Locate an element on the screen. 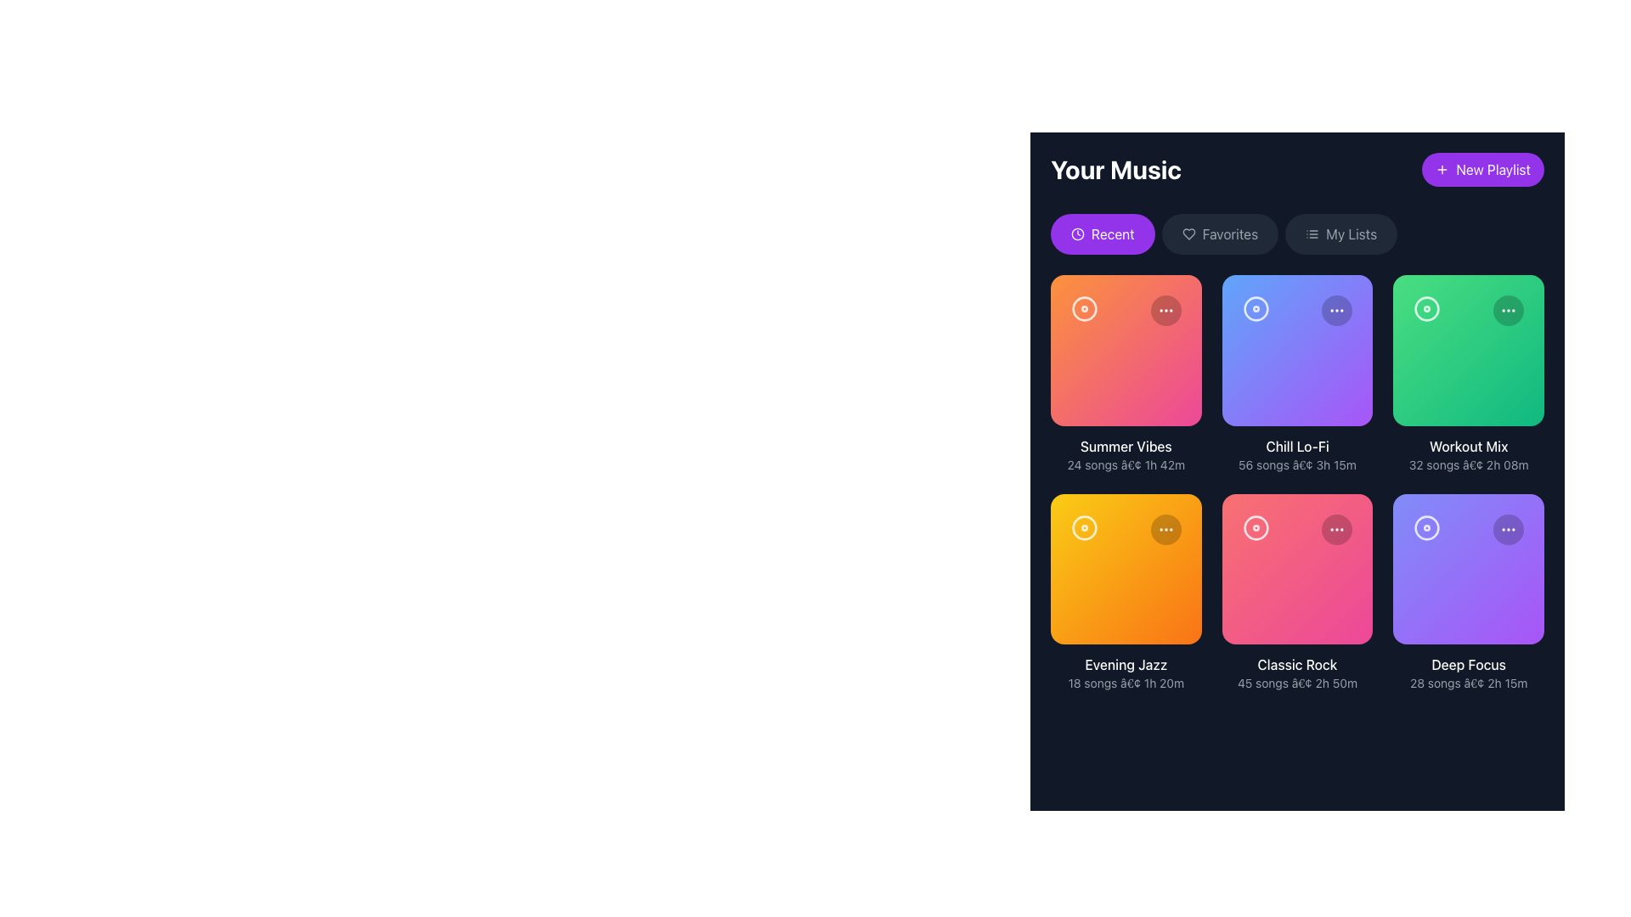 This screenshot has width=1631, height=917. the menu trigger icon located in the top right corner of the 'Summer Vibes' tile is located at coordinates (1165, 311).